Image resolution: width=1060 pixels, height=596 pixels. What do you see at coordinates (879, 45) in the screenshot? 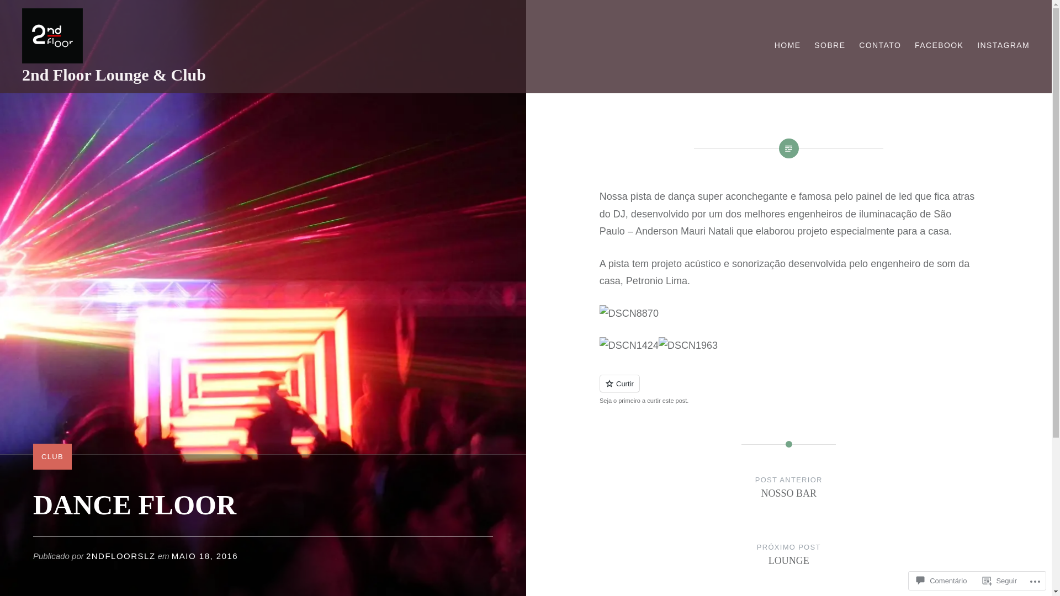
I see `'CONTATO'` at bounding box center [879, 45].